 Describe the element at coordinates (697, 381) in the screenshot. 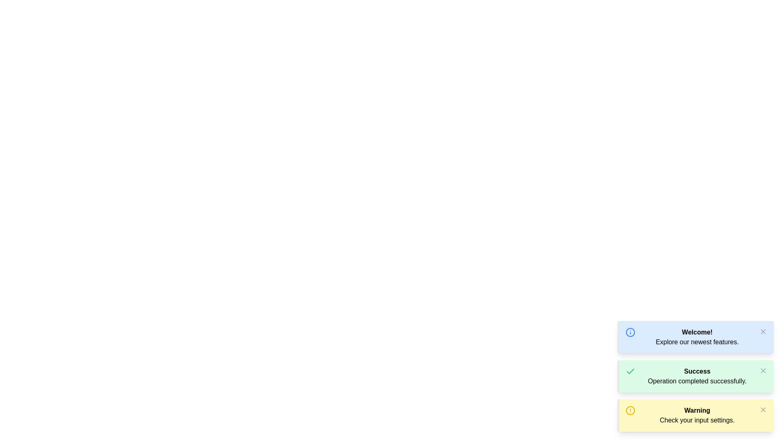

I see `the descriptive feedback label that indicates a completed action was successful, positioned below the bold 'Success' label` at that location.